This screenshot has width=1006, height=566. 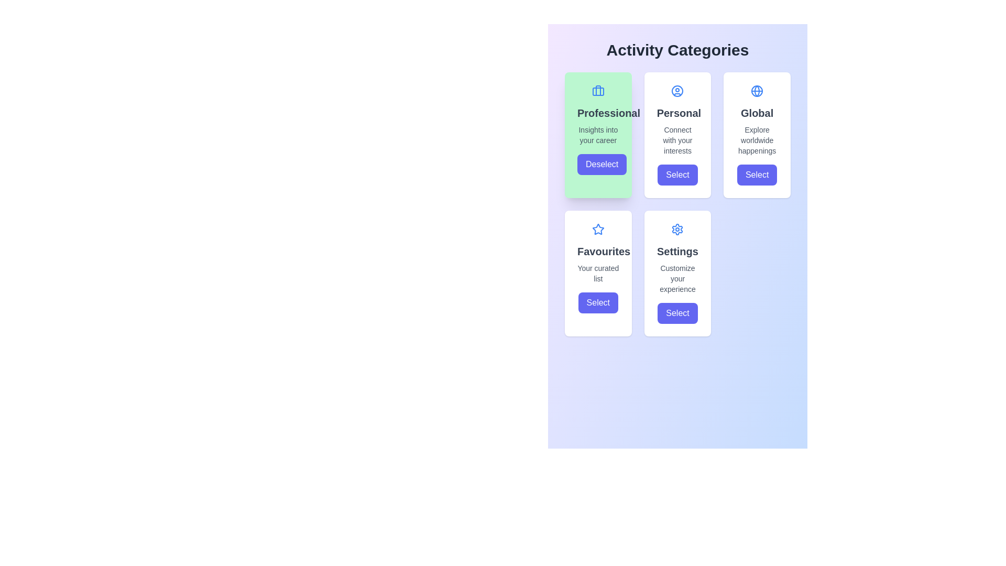 What do you see at coordinates (677, 229) in the screenshot?
I see `the larger, outer gear-like structure of the settings icon located in the bottom-right section of the interface near the 'Settings' card that mentions 'Customize your experience'` at bounding box center [677, 229].